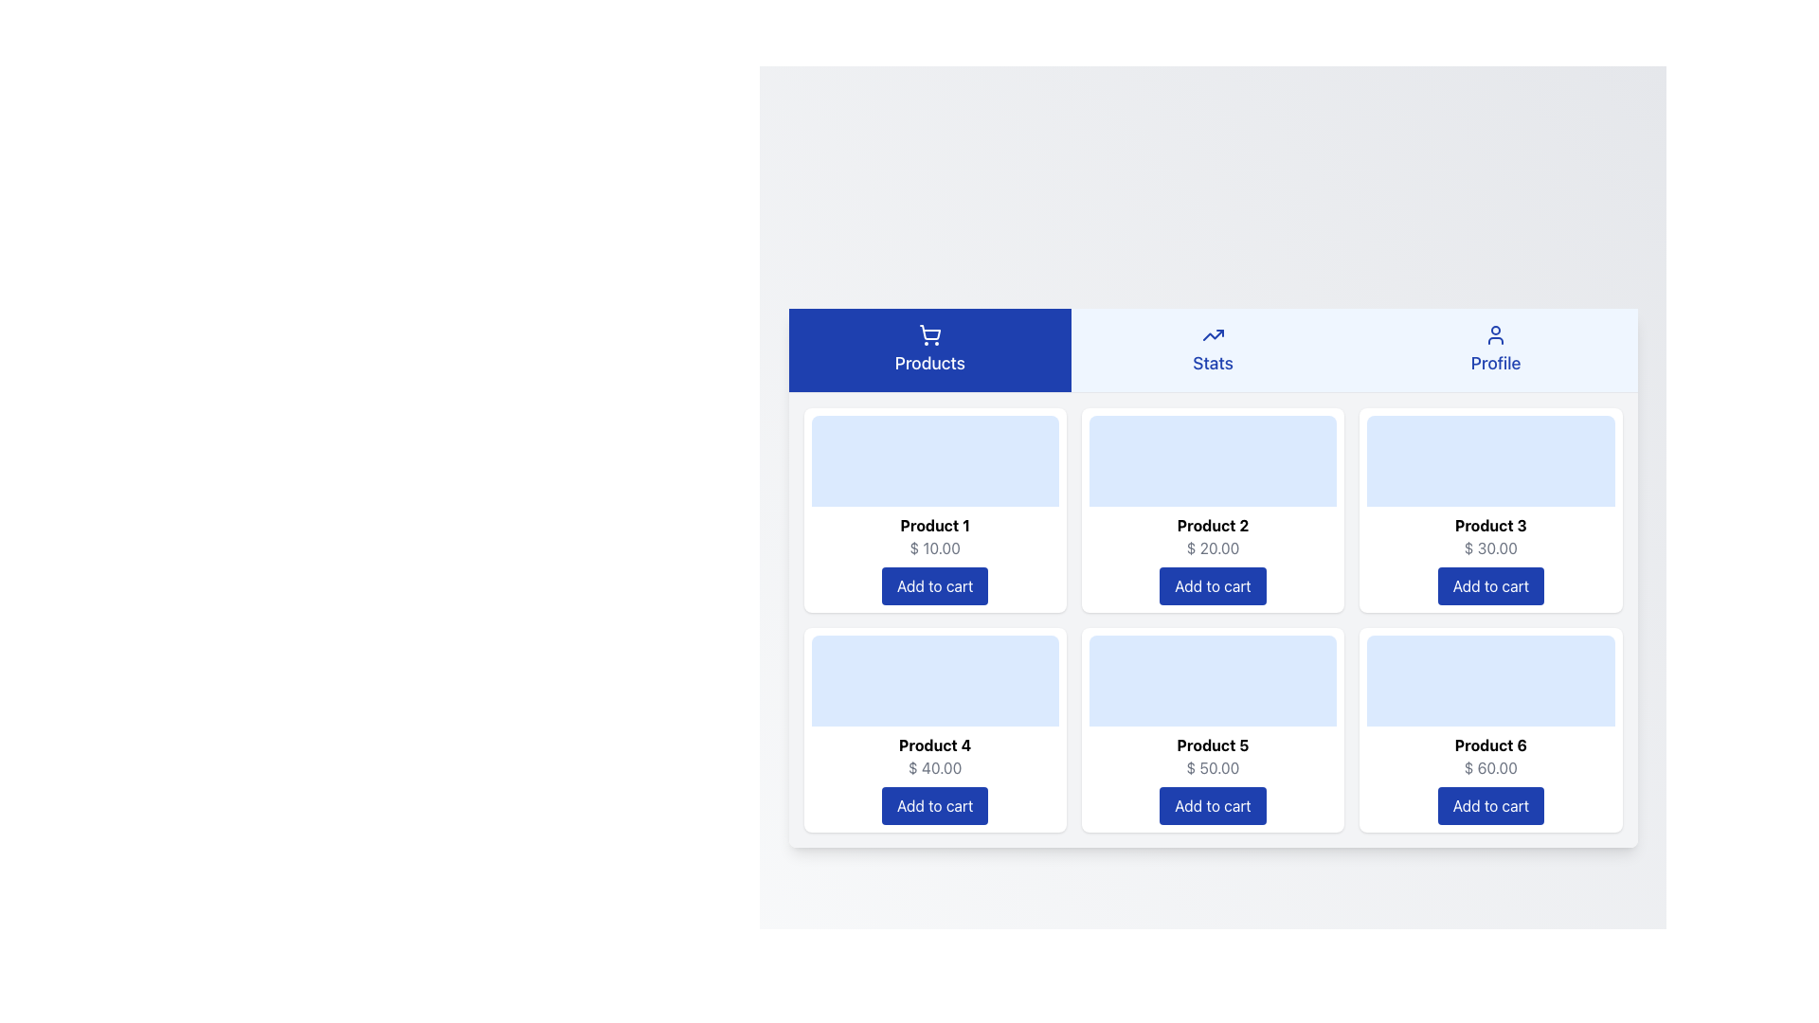 The width and height of the screenshot is (1819, 1023). I want to click on product details of Product 6 located in the third column of the second row of the product grid, so click(1489, 728).